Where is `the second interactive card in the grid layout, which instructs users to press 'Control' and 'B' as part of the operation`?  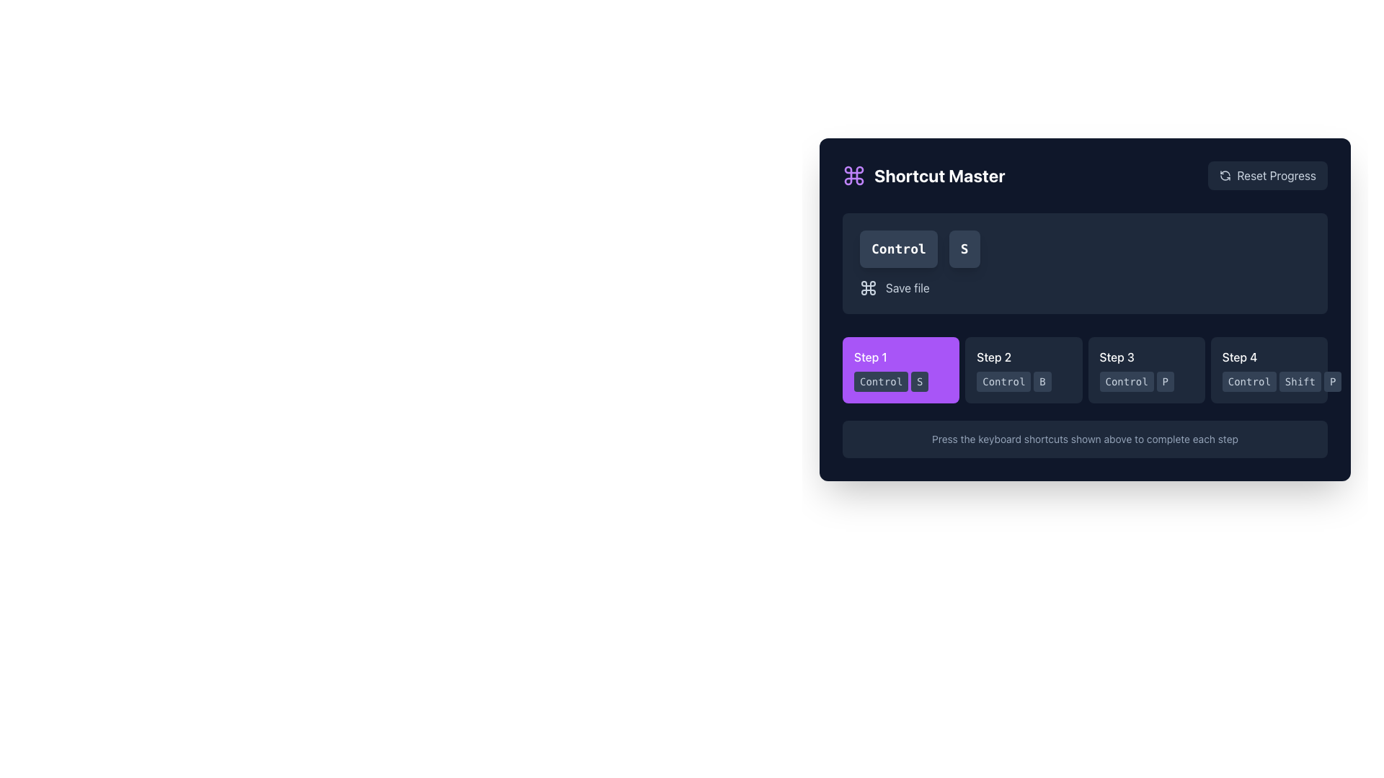 the second interactive card in the grid layout, which instructs users to press 'Control' and 'B' as part of the operation is located at coordinates (1023, 369).